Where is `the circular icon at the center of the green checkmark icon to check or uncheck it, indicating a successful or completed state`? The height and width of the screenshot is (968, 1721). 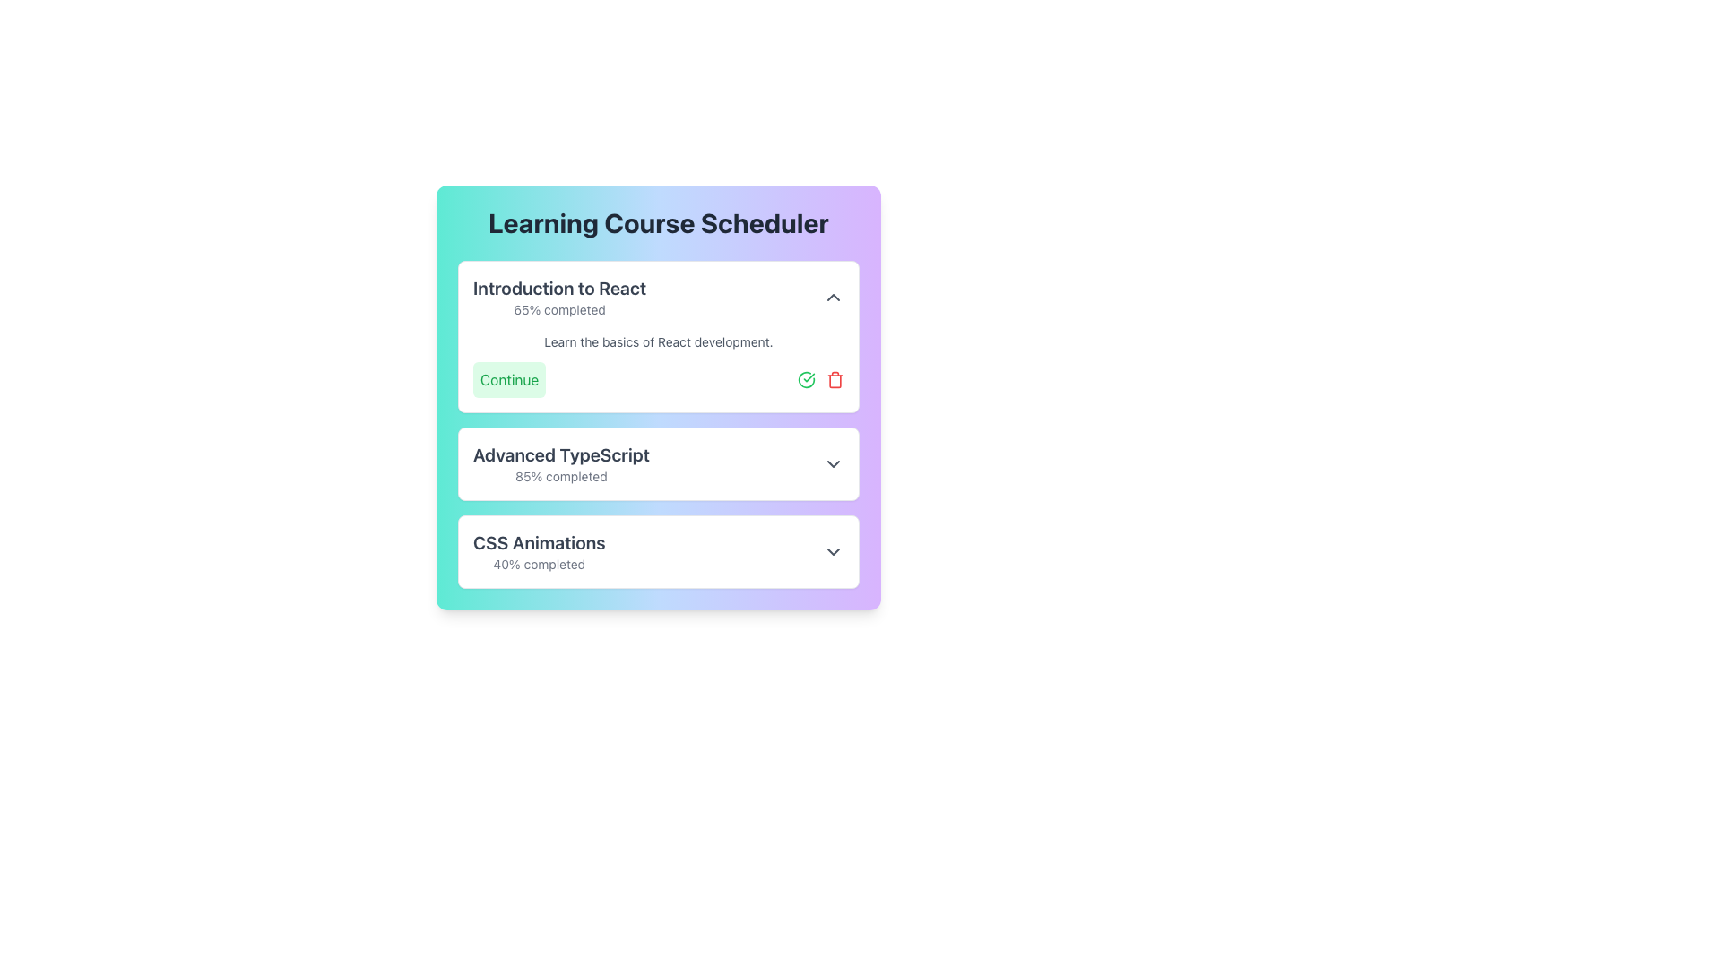 the circular icon at the center of the green checkmark icon to check or uncheck it, indicating a successful or completed state is located at coordinates (806, 379).